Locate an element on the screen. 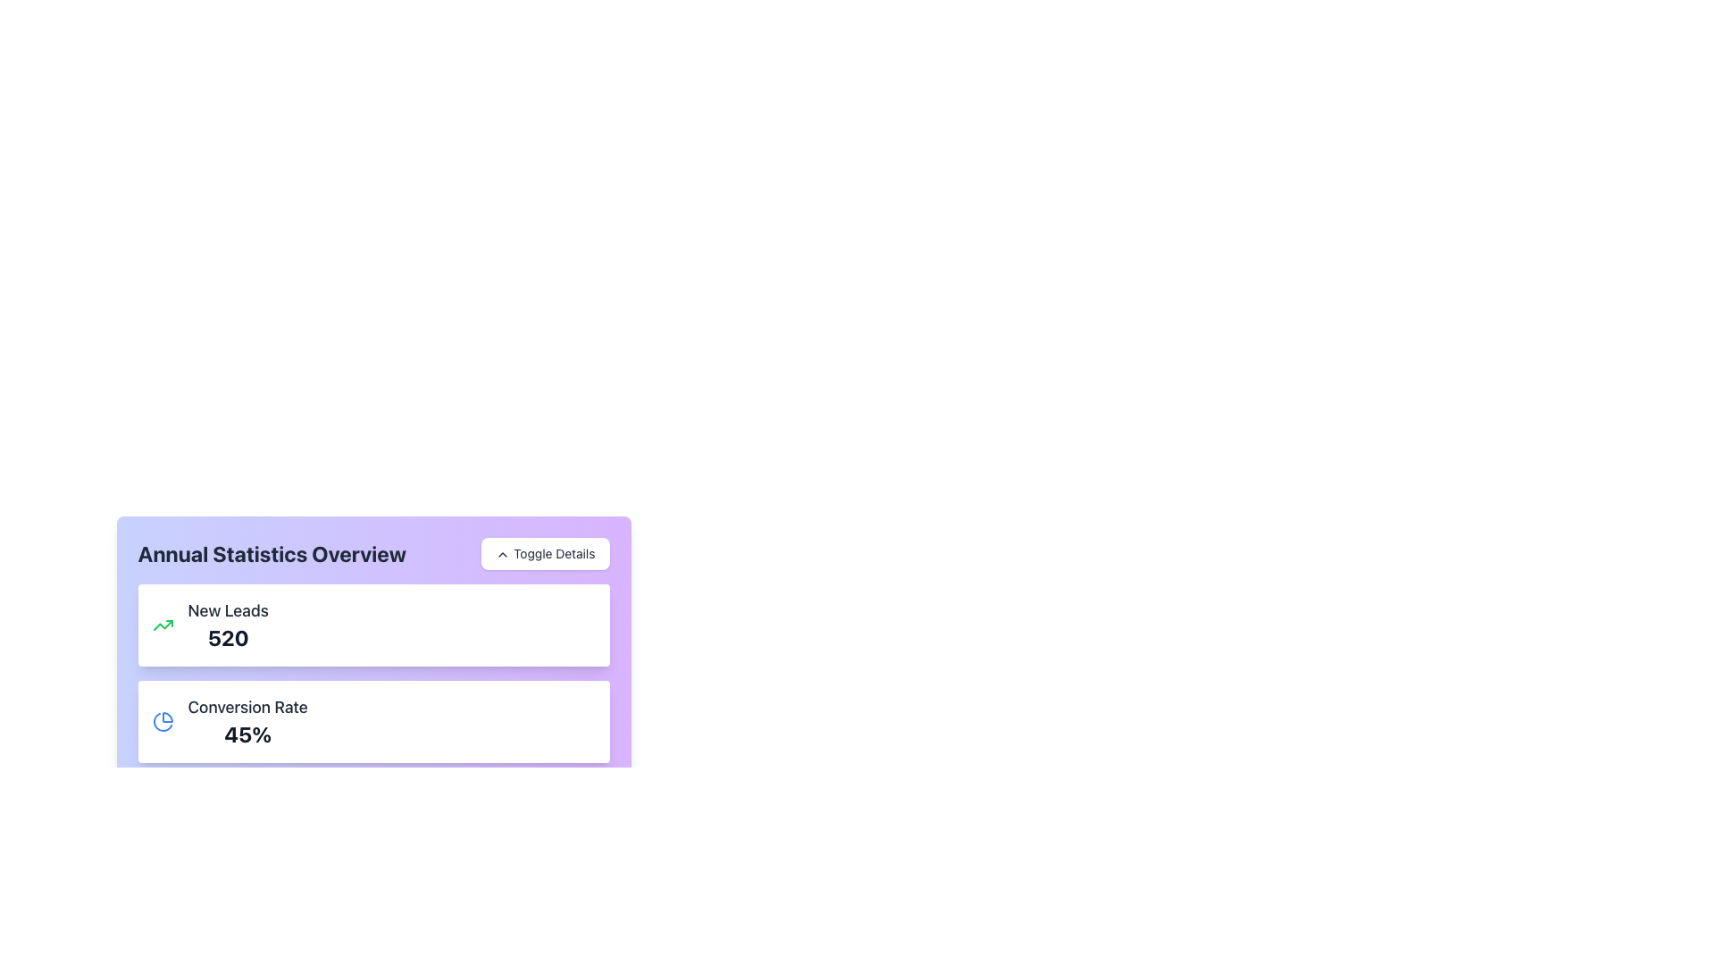 This screenshot has height=965, width=1715. the pie chart icon located at the top-left corner of the 'Conversion Rate' statistics card, preceding the text 'Conversion Rate' and the value '45%.' is located at coordinates (163, 720).